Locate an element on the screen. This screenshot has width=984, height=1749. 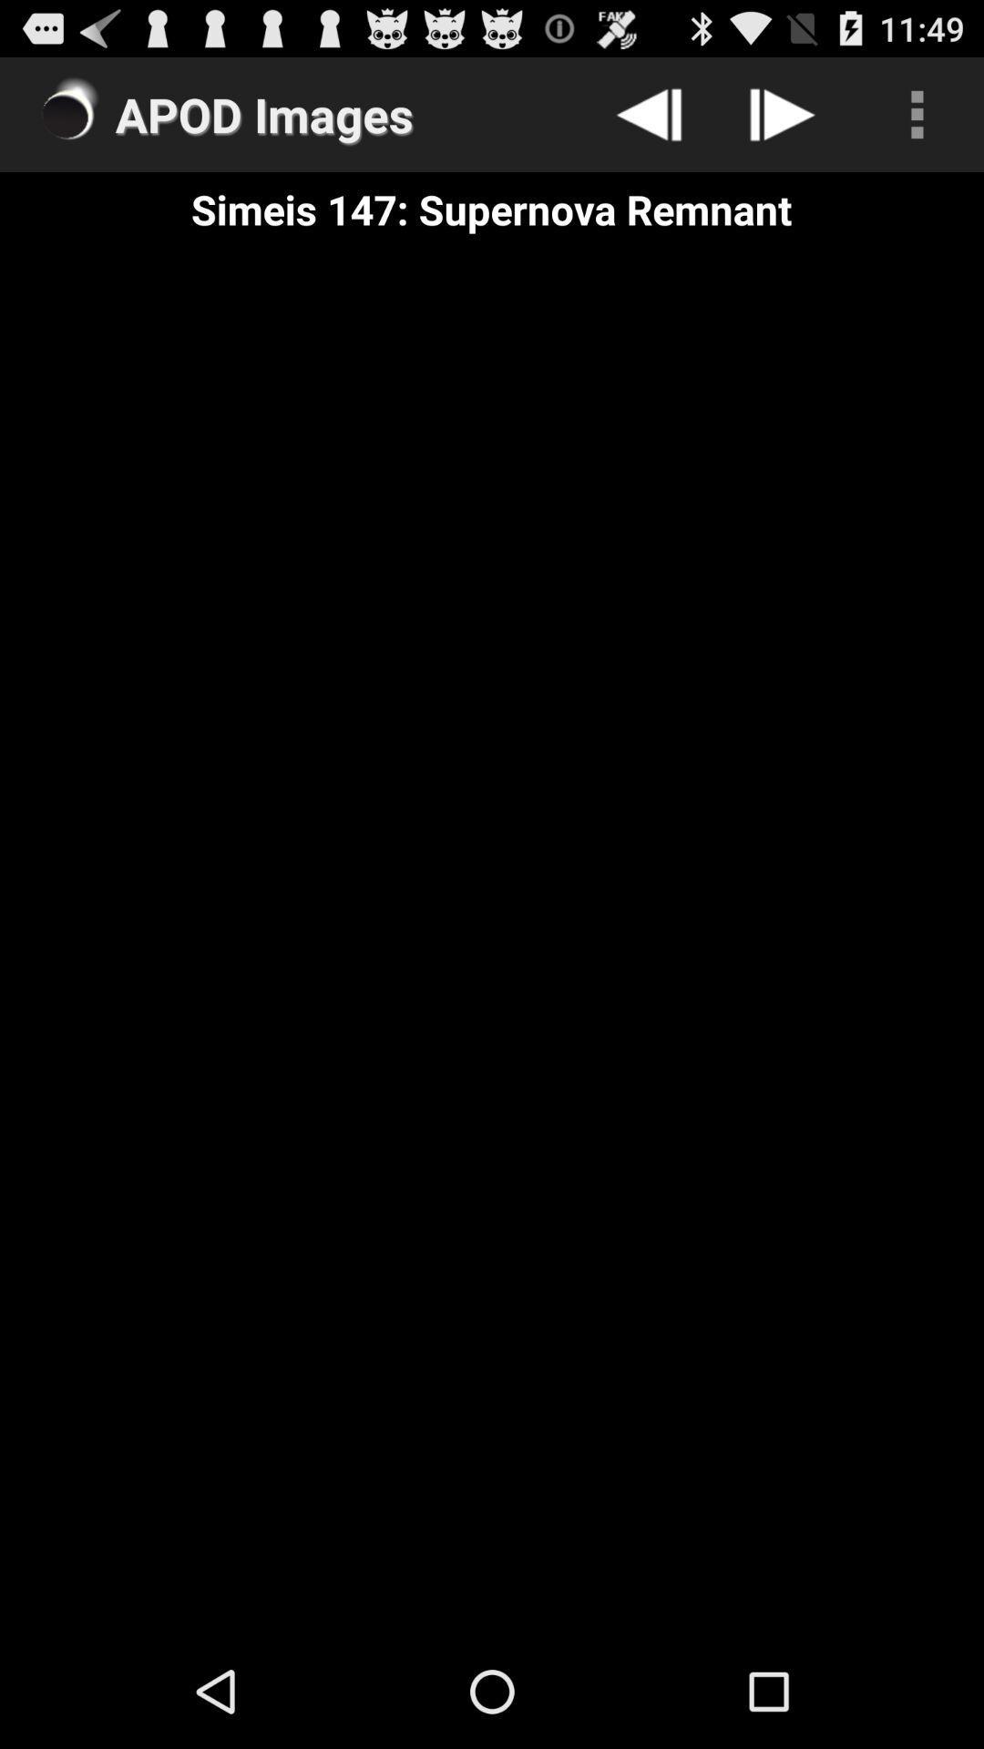
click on the next button is located at coordinates (782, 113).